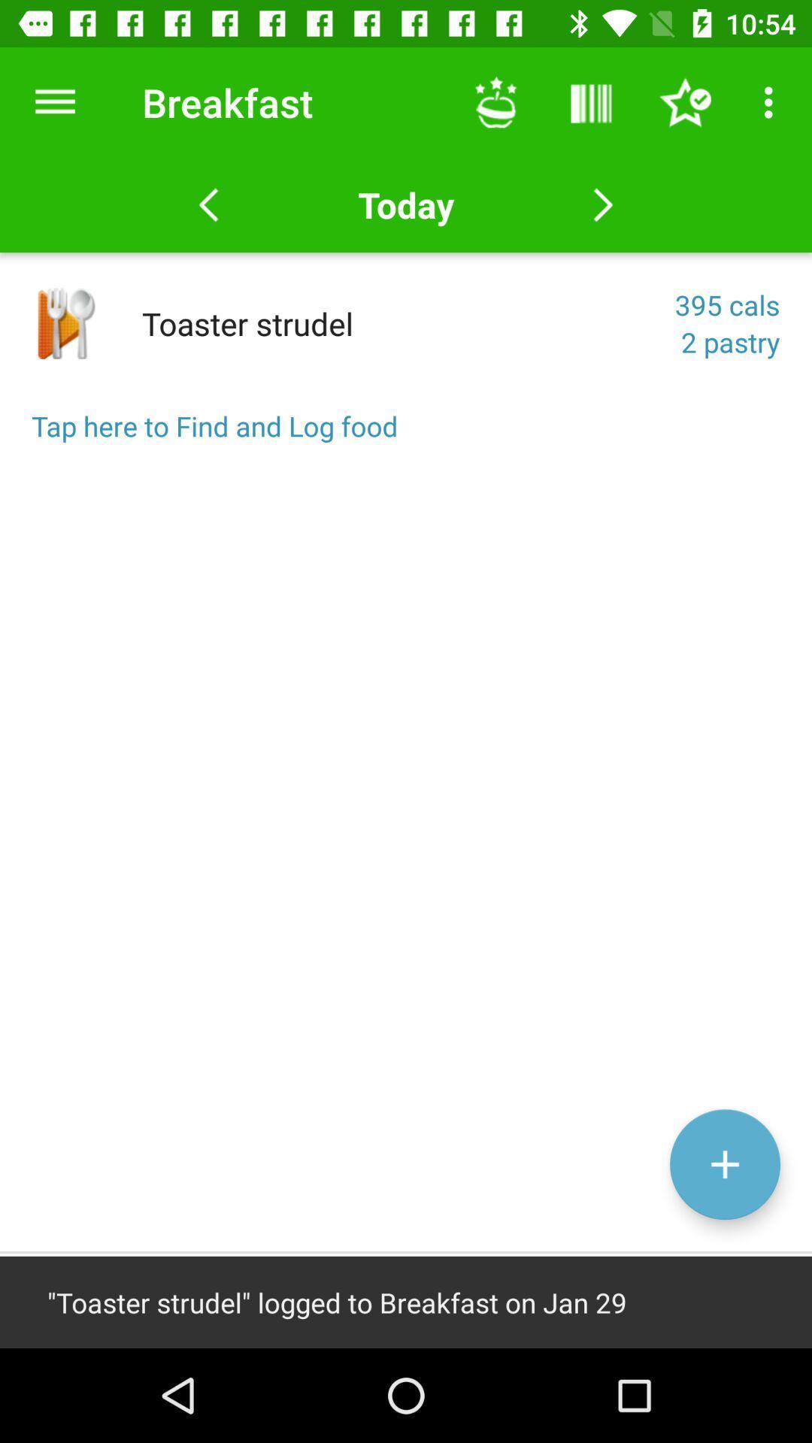 Image resolution: width=812 pixels, height=1443 pixels. I want to click on the add icon, so click(724, 1163).